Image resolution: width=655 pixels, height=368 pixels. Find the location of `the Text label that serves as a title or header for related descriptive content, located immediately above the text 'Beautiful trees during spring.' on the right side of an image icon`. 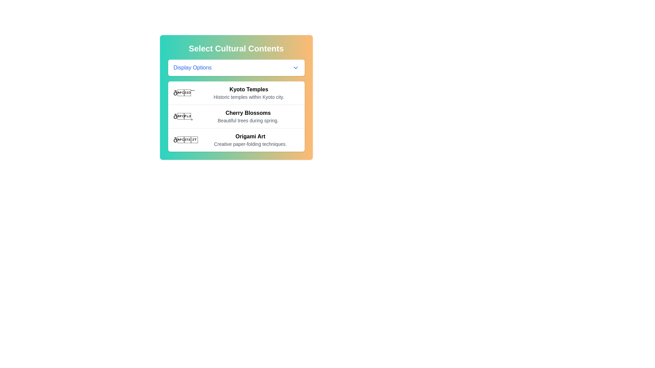

the Text label that serves as a title or header for related descriptive content, located immediately above the text 'Beautiful trees during spring.' on the right side of an image icon is located at coordinates (247, 112).